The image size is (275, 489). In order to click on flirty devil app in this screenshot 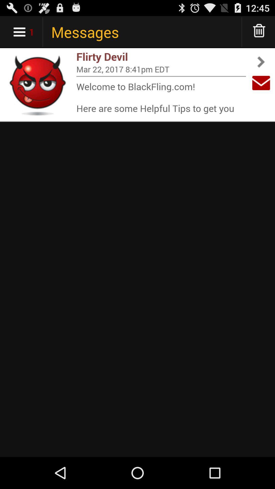, I will do `click(161, 57)`.